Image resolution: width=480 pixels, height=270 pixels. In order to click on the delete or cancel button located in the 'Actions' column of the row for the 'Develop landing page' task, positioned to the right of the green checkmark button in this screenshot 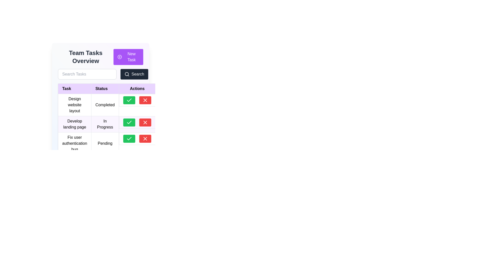, I will do `click(145, 122)`.